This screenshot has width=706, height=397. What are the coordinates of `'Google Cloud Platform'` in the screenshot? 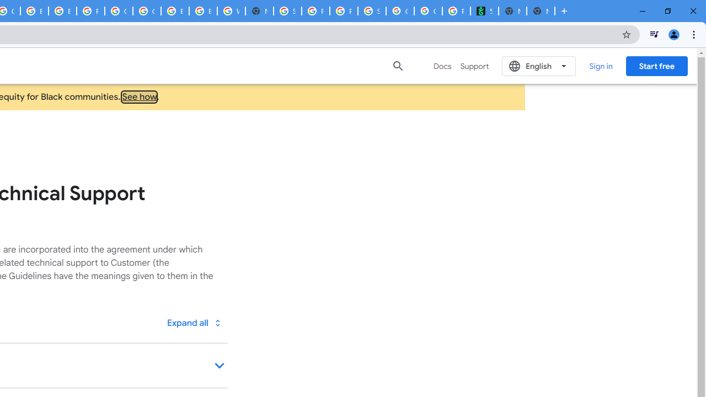 It's located at (146, 11).